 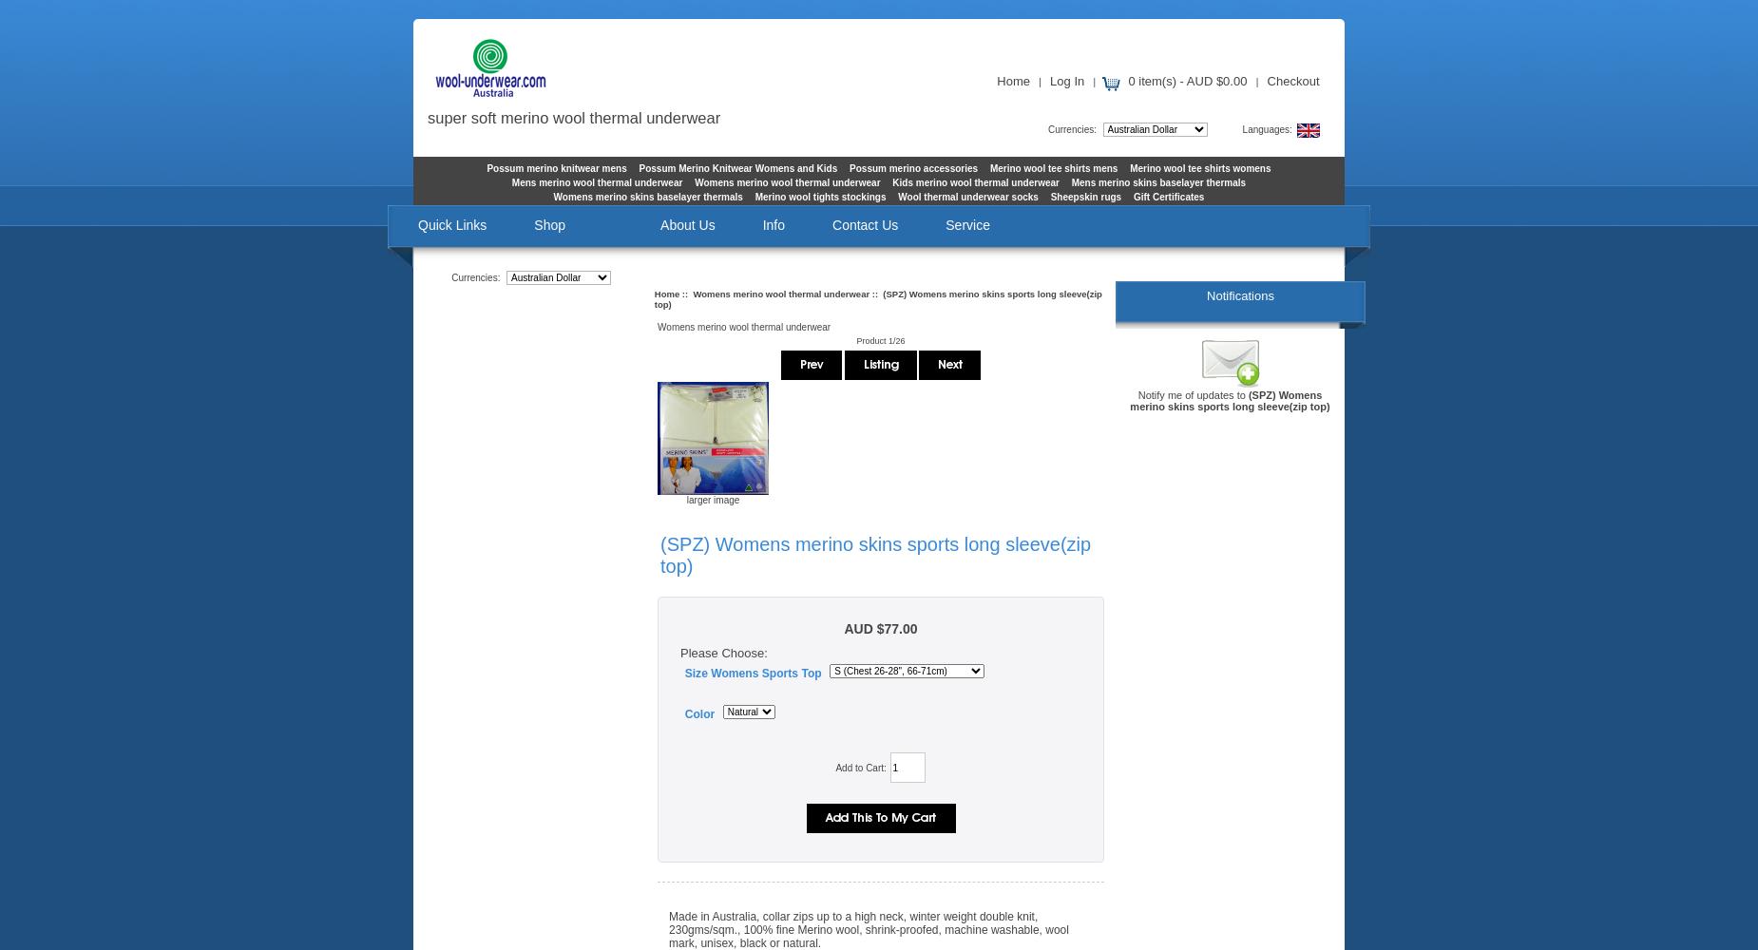 What do you see at coordinates (1052, 168) in the screenshot?
I see `'Merino wool tee shirts mens'` at bounding box center [1052, 168].